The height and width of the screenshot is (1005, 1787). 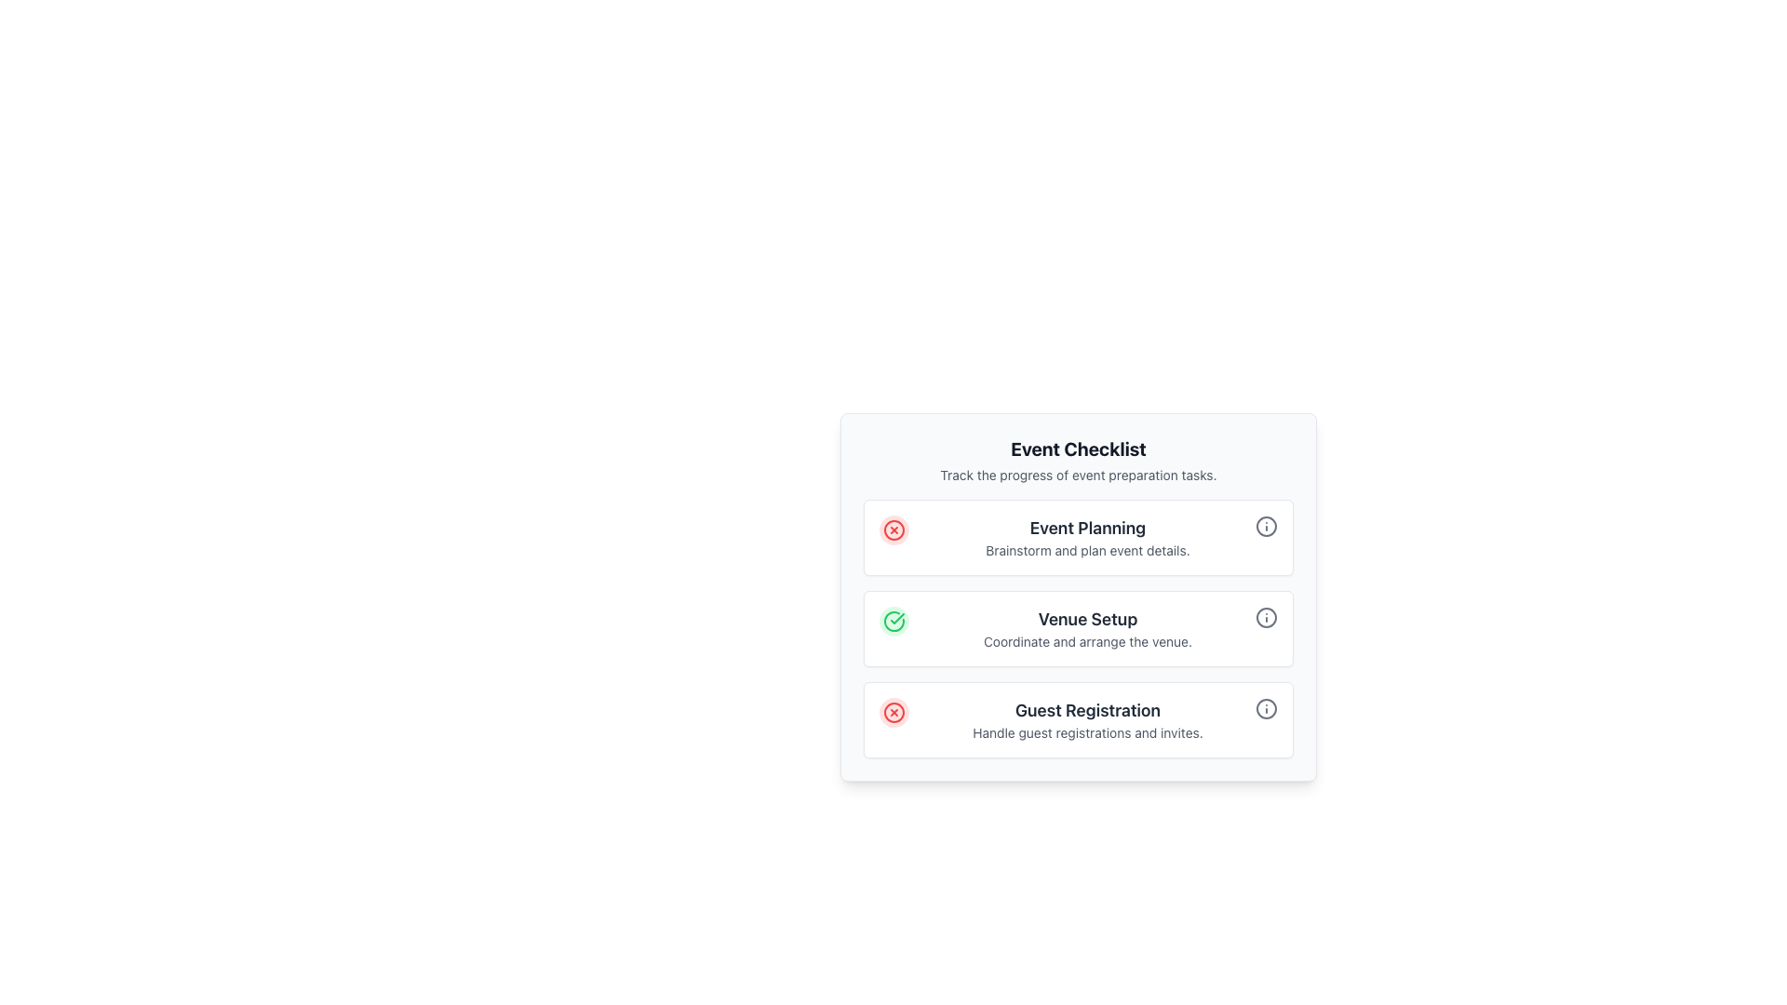 I want to click on title 'Event Checklist' and subtitle 'Track the progress of event preparation tasks' from the text block at the specified coordinates, so click(x=1078, y=460).